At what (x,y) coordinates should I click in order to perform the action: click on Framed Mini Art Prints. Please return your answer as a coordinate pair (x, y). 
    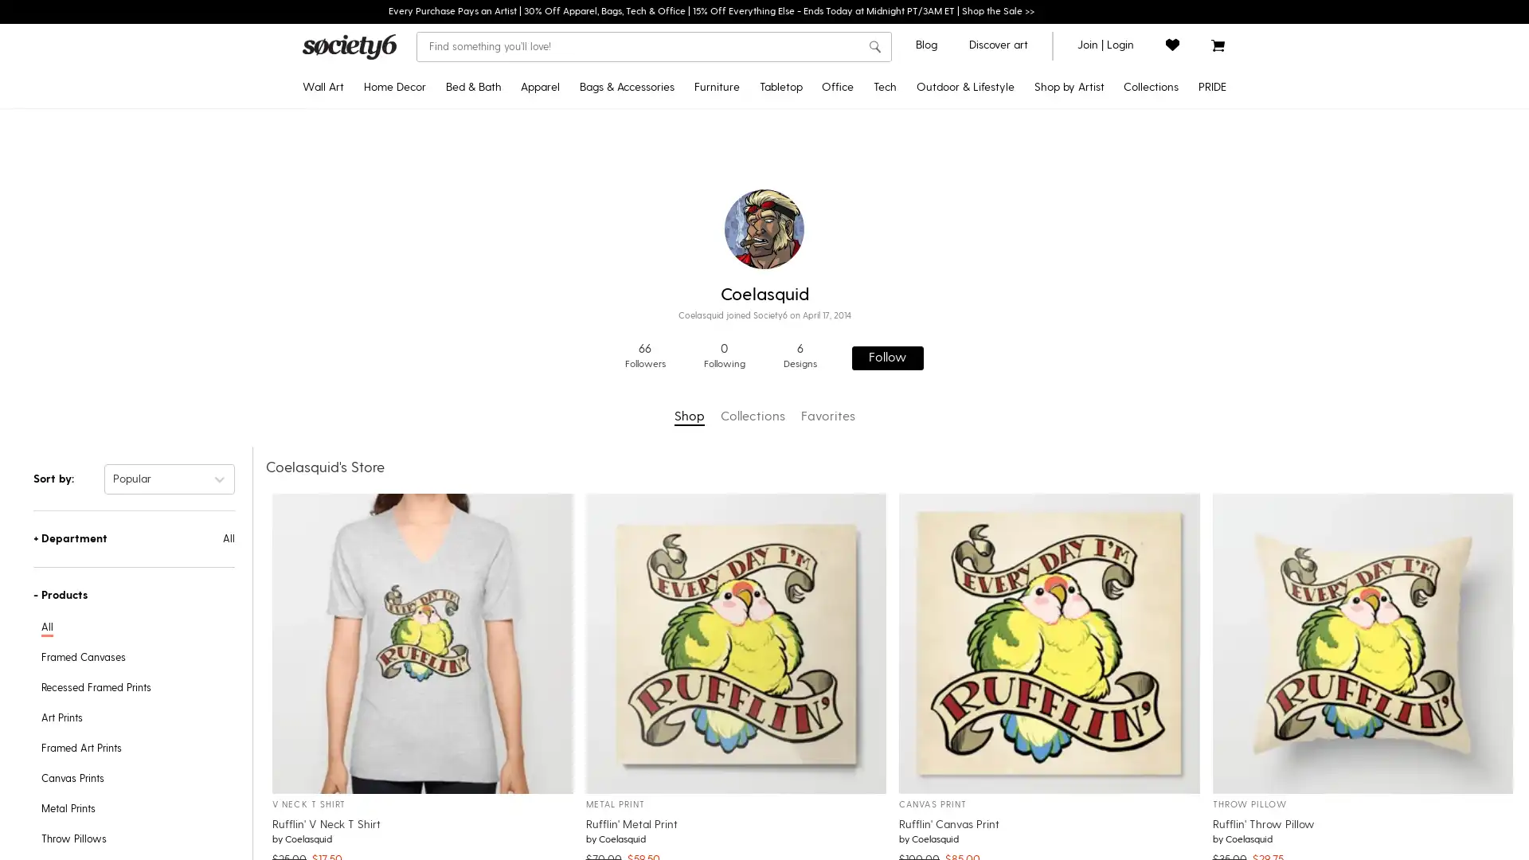
    Looking at the image, I should click on (374, 436).